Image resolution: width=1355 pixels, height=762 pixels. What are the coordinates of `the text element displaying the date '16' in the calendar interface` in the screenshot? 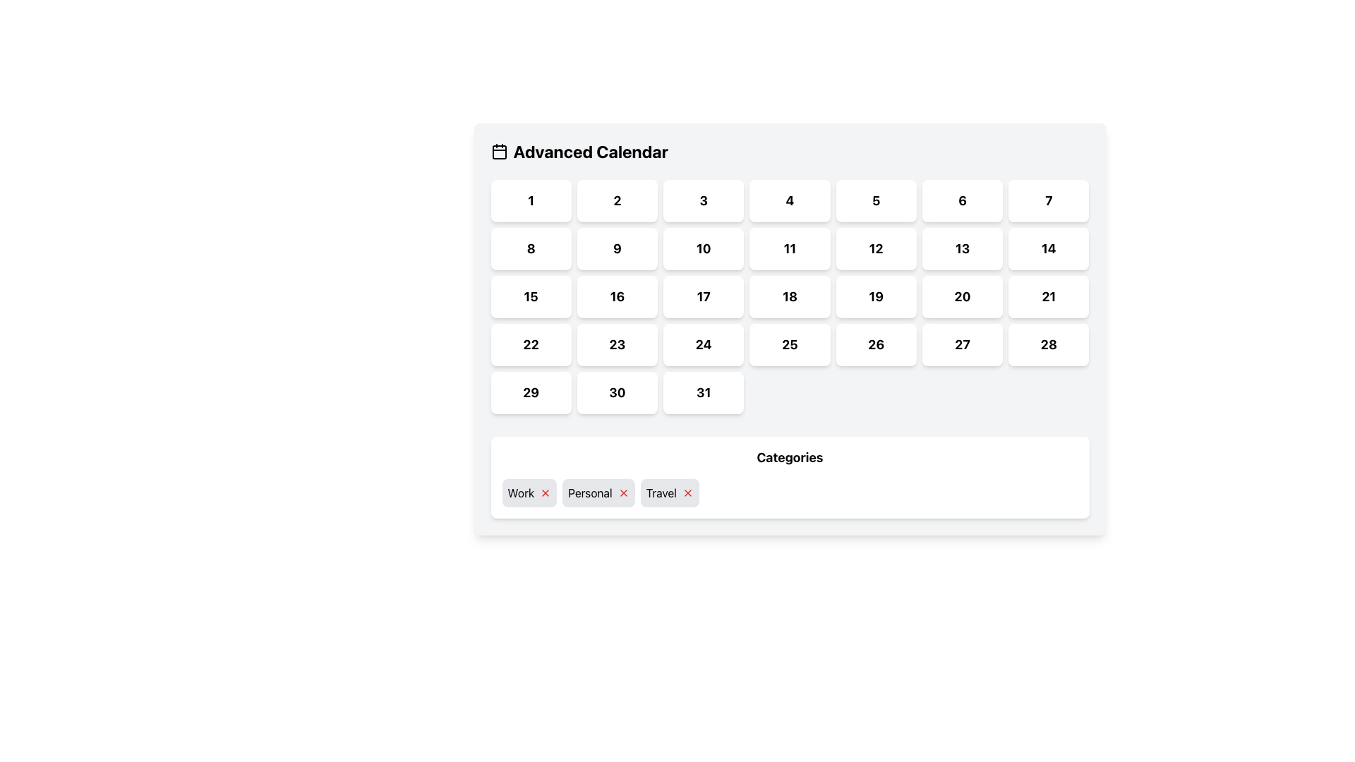 It's located at (617, 296).